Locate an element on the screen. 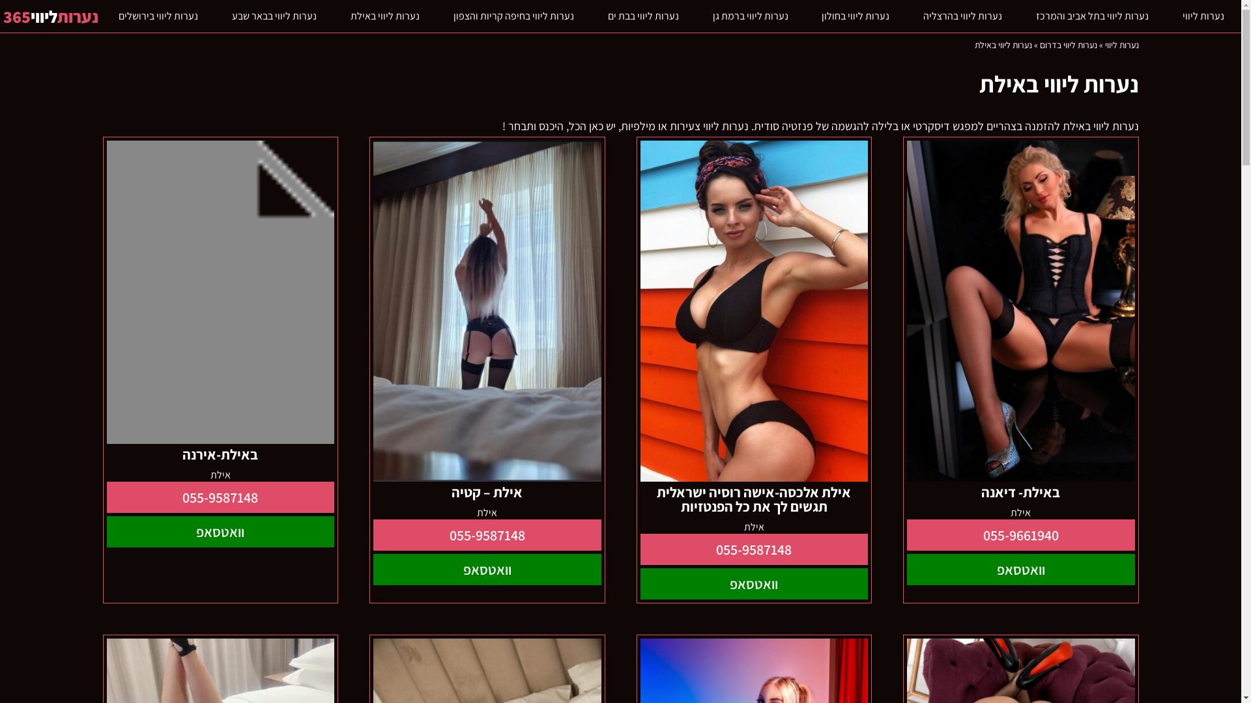  '055-9661940' is located at coordinates (1020, 534).